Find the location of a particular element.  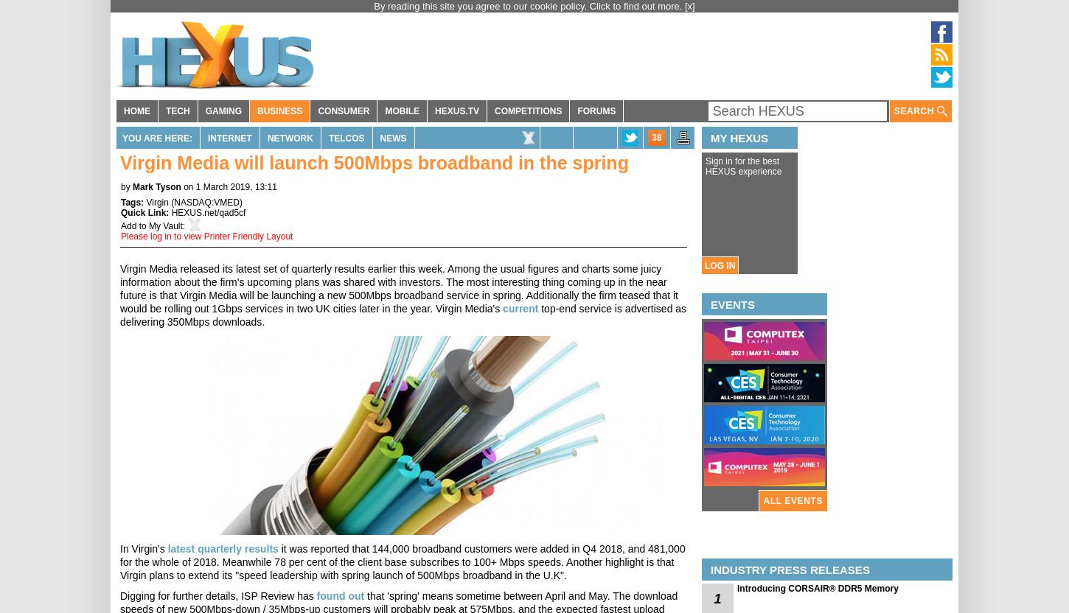

'COMPETITIONS' is located at coordinates (527, 111).